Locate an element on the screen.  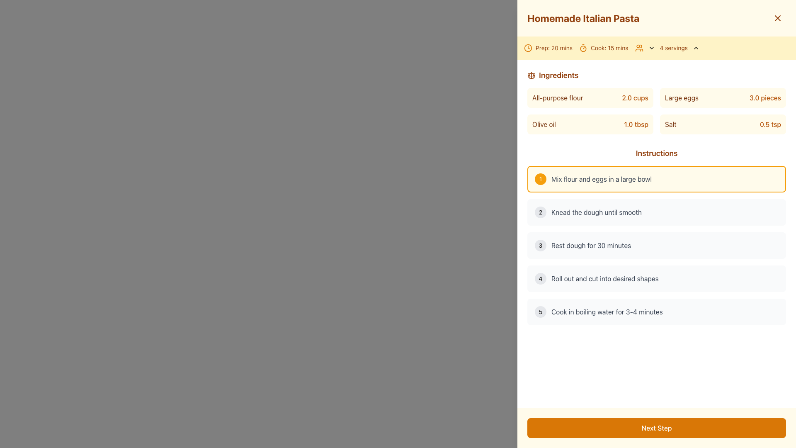
the Step indicator which is a circular icon with a light gray background and a black numeral '3' centered within it, located to the left of the text 'Rest dough for 30 minutes' is located at coordinates (541, 245).